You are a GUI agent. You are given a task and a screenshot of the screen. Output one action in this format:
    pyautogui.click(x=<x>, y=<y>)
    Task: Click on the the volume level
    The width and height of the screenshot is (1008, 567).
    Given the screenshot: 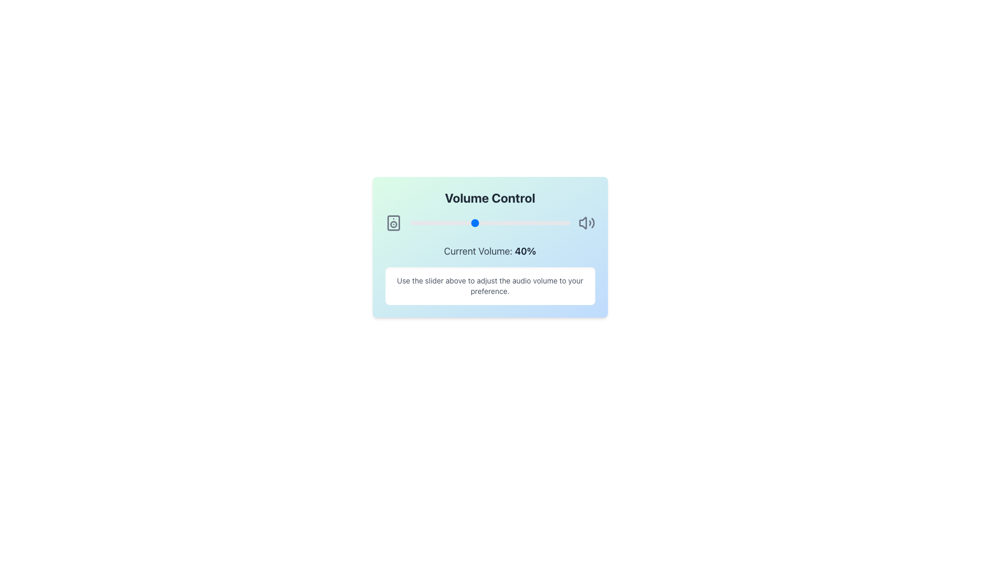 What is the action you would take?
    pyautogui.click(x=512, y=222)
    